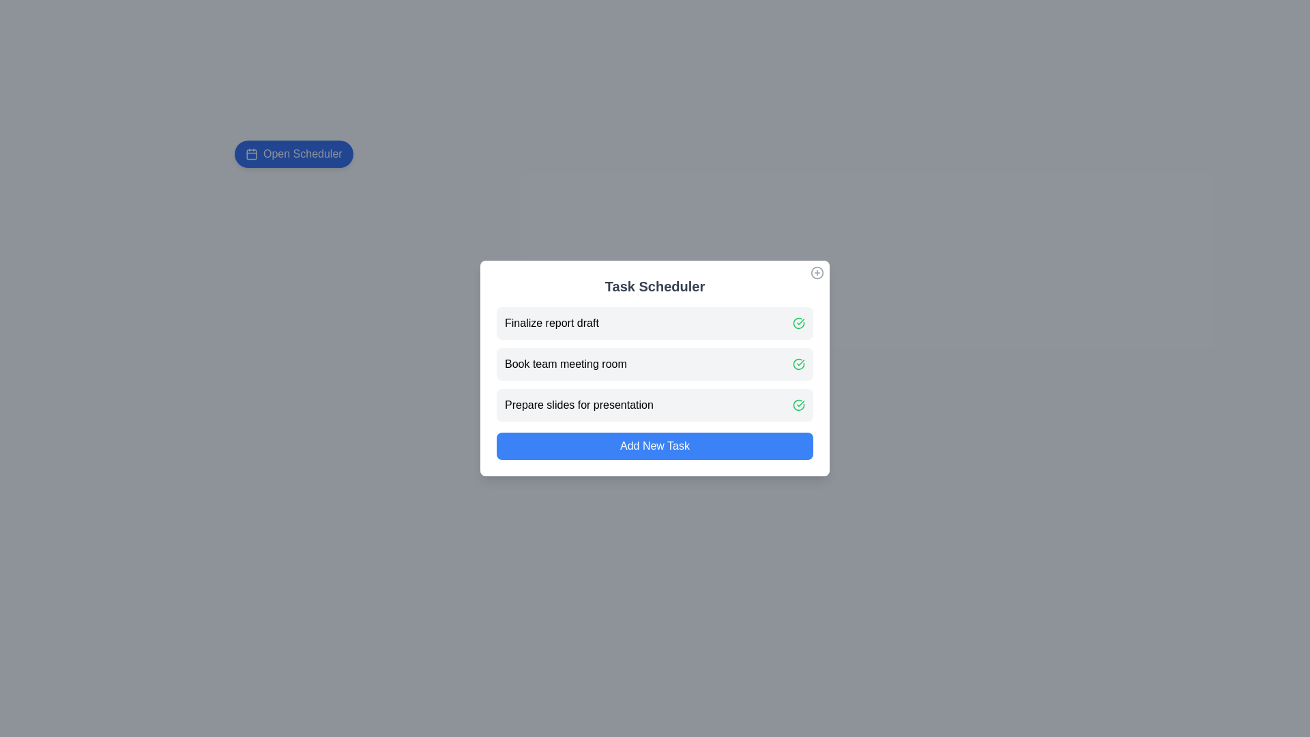  I want to click on the 'Task Scheduler' text label, which is a bold and large dark gray label positioned at the top of a white box containing task-related items, so click(655, 286).